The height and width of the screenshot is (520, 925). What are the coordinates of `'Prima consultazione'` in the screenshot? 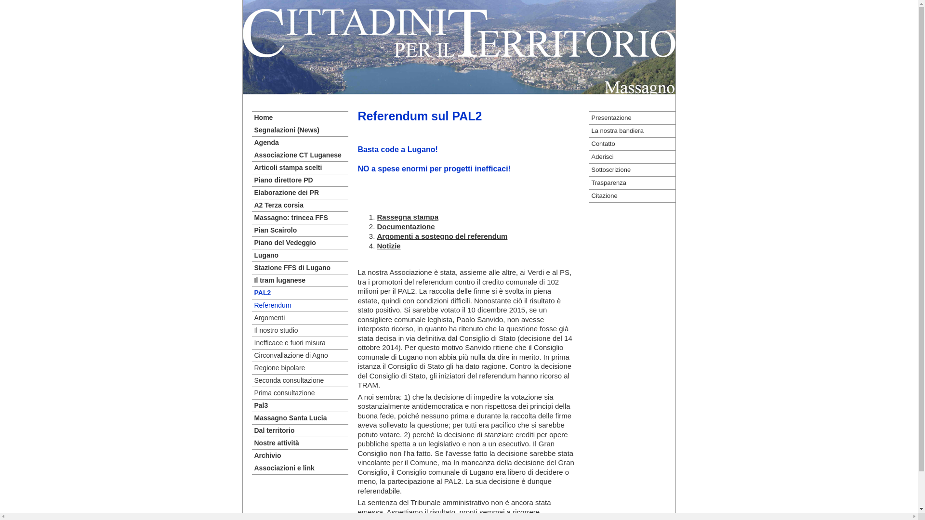 It's located at (299, 393).